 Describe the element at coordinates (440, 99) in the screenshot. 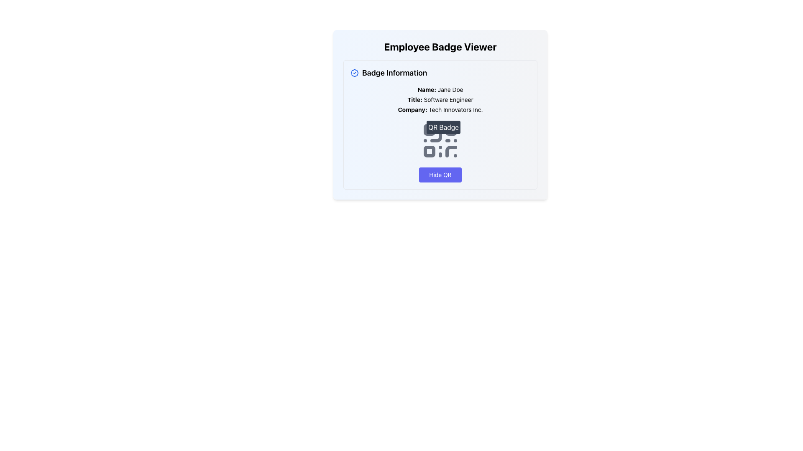

I see `the text label displaying 'Title: Software Engineer', which is the second line in the employee information section` at that location.